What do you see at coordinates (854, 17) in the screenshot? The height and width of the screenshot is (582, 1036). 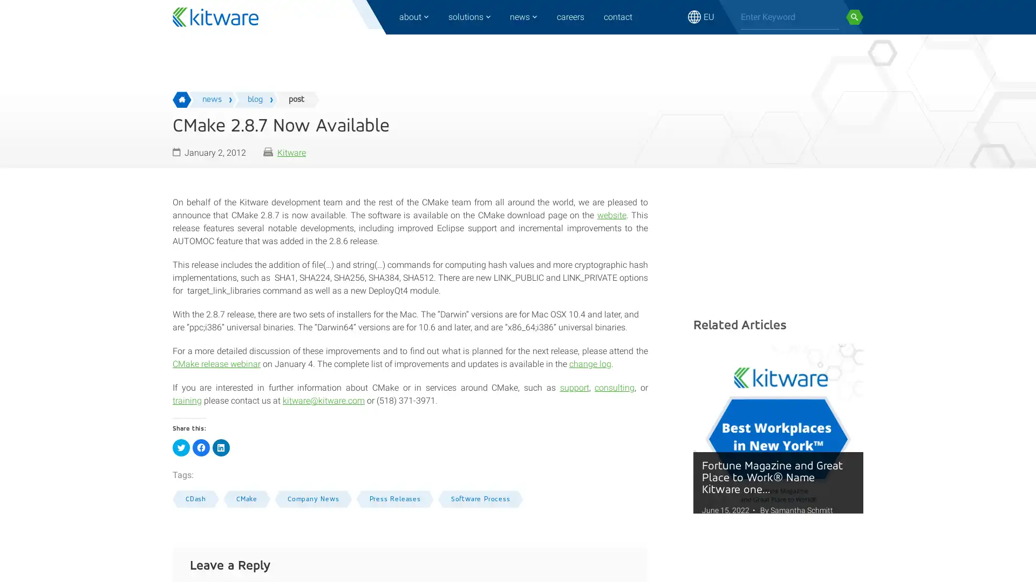 I see `Search` at bounding box center [854, 17].